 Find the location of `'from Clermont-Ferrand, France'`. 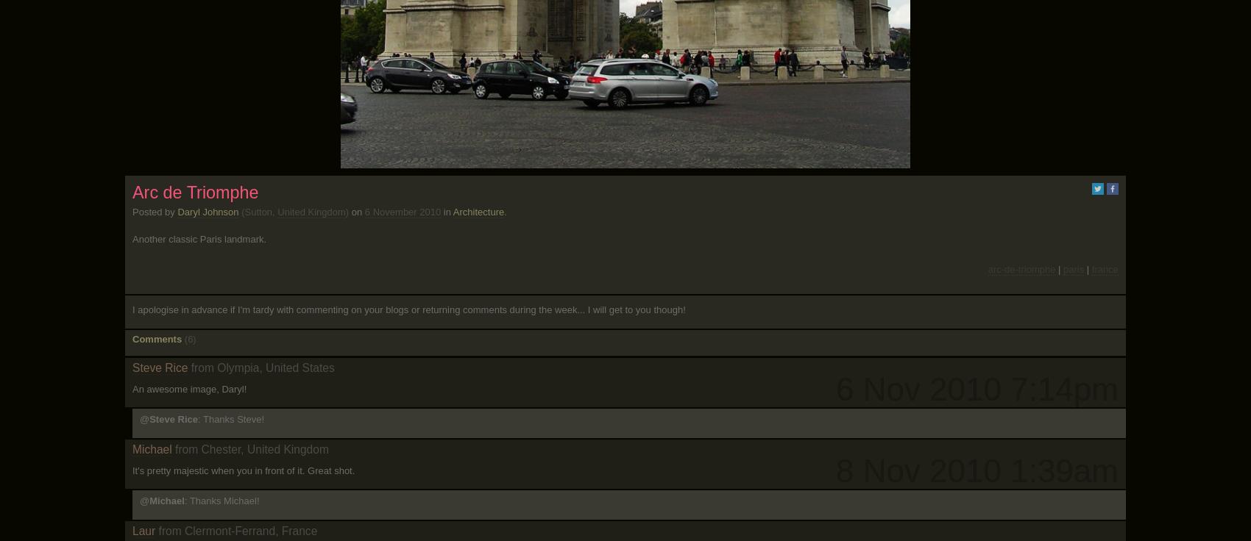

'from Clermont-Ferrand, France' is located at coordinates (237, 530).